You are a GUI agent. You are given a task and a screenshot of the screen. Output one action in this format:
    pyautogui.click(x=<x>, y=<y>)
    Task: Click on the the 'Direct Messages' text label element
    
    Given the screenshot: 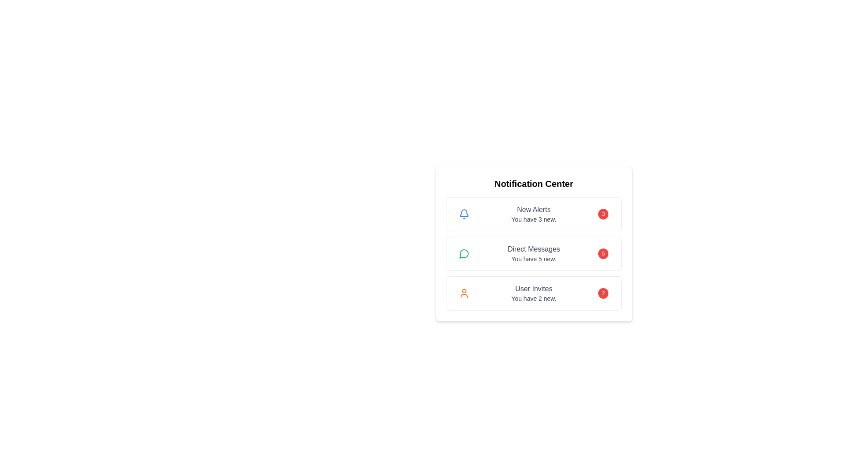 What is the action you would take?
    pyautogui.click(x=533, y=249)
    